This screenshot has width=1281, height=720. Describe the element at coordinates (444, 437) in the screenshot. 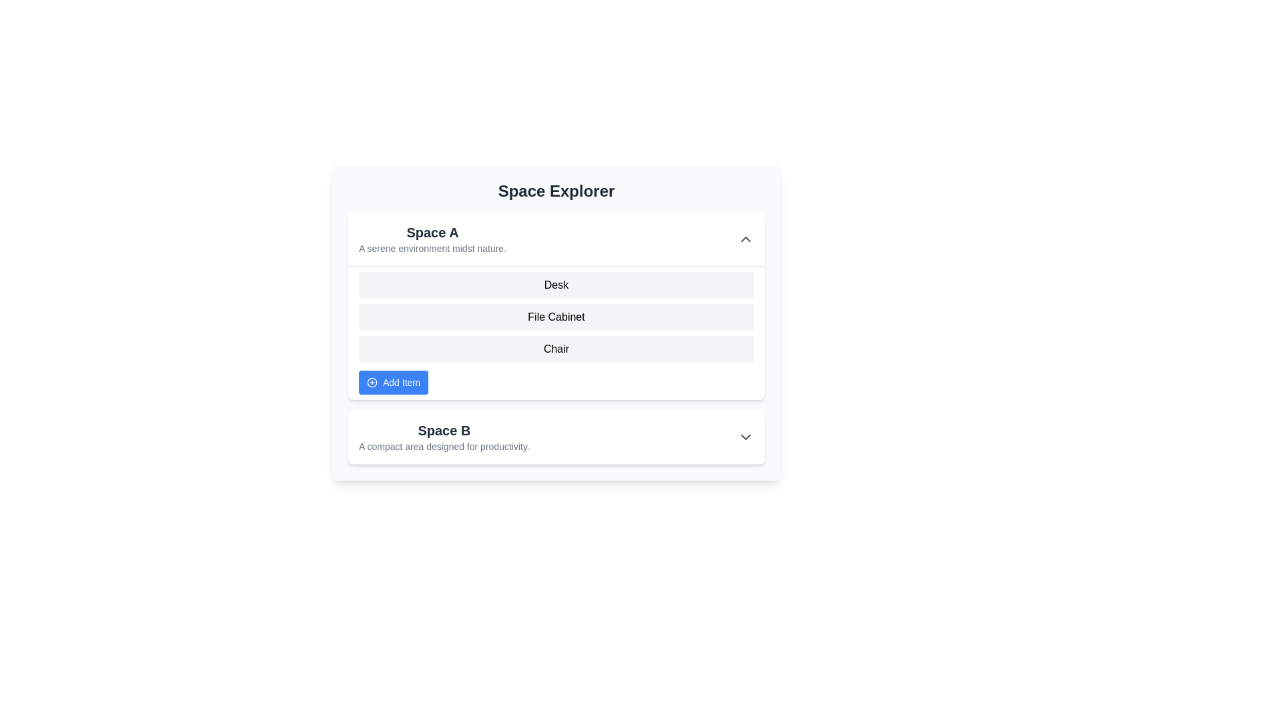

I see `descriptive text of the Text block labeled 'Space B,' which describes it as 'A compact area designed for productivity.' This element is centrally positioned below the 'Space A' section within the 'Space Explorer' interface` at that location.